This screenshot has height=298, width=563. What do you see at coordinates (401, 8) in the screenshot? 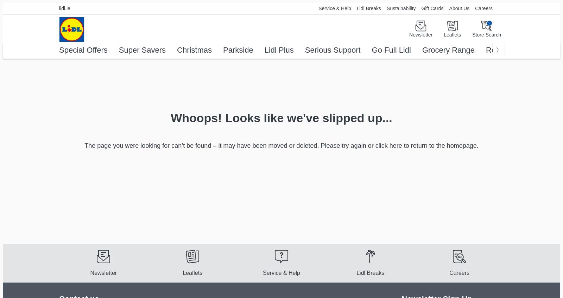
I see `'Sustainability'` at bounding box center [401, 8].